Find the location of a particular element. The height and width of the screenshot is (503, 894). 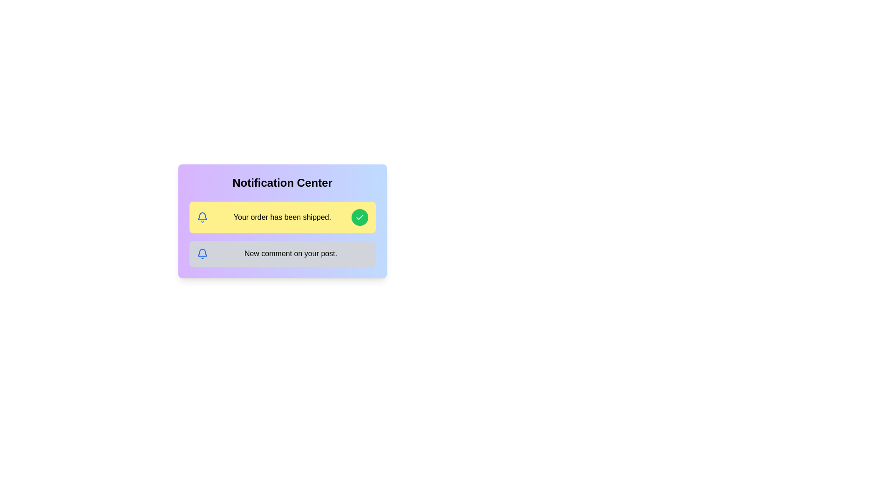

notification item that displays a bell icon and the text 'New comment on your post.' This is the second notification in the 'Notification Center.' is located at coordinates (282, 253).